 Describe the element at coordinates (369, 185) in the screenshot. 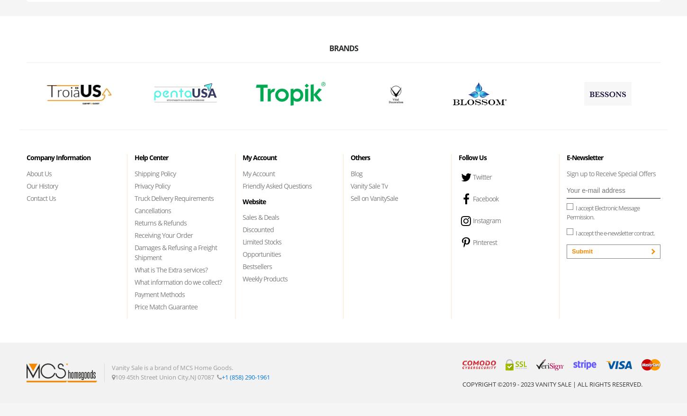

I see `'Vanity Sale Tv'` at that location.